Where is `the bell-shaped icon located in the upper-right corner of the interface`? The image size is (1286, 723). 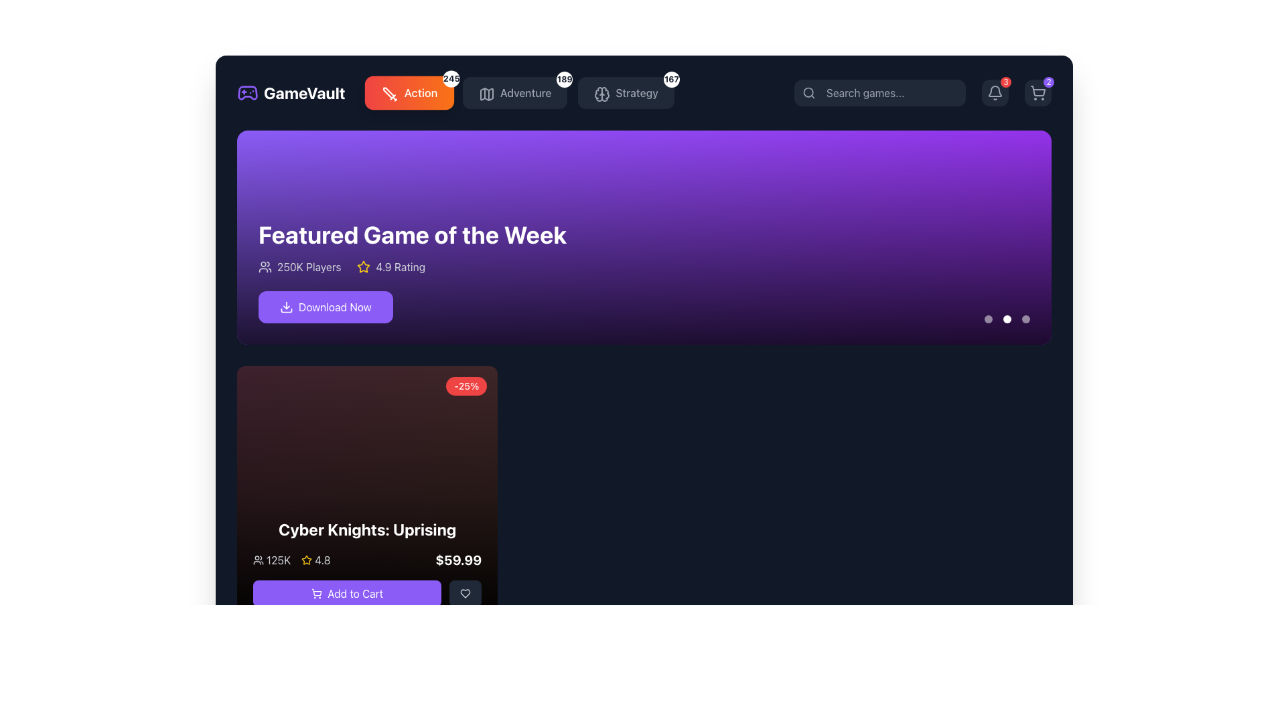
the bell-shaped icon located in the upper-right corner of the interface is located at coordinates (995, 92).